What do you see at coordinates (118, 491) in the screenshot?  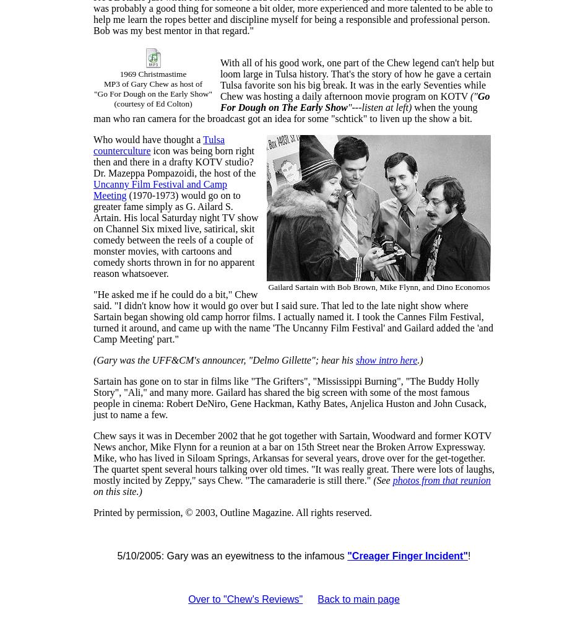 I see `'on this site.)'` at bounding box center [118, 491].